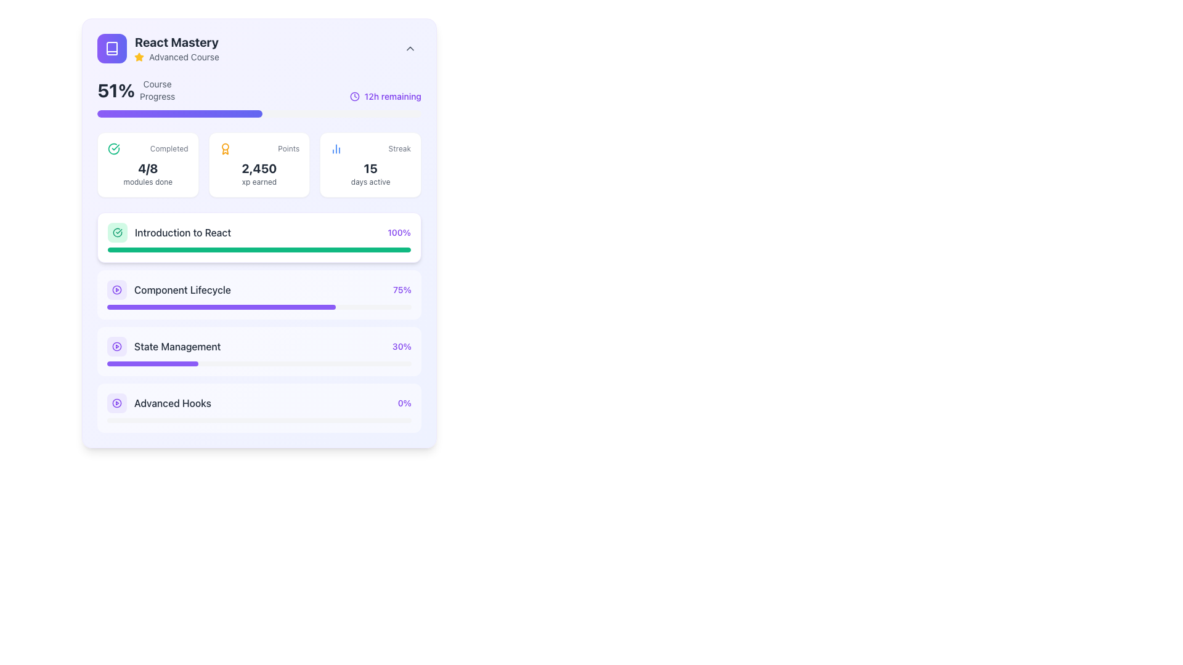 The height and width of the screenshot is (665, 1183). What do you see at coordinates (117, 347) in the screenshot?
I see `the play button icon styled as a circular outline with a play symbol inside, rendered in violet, located within the 'State Management' course list item` at bounding box center [117, 347].